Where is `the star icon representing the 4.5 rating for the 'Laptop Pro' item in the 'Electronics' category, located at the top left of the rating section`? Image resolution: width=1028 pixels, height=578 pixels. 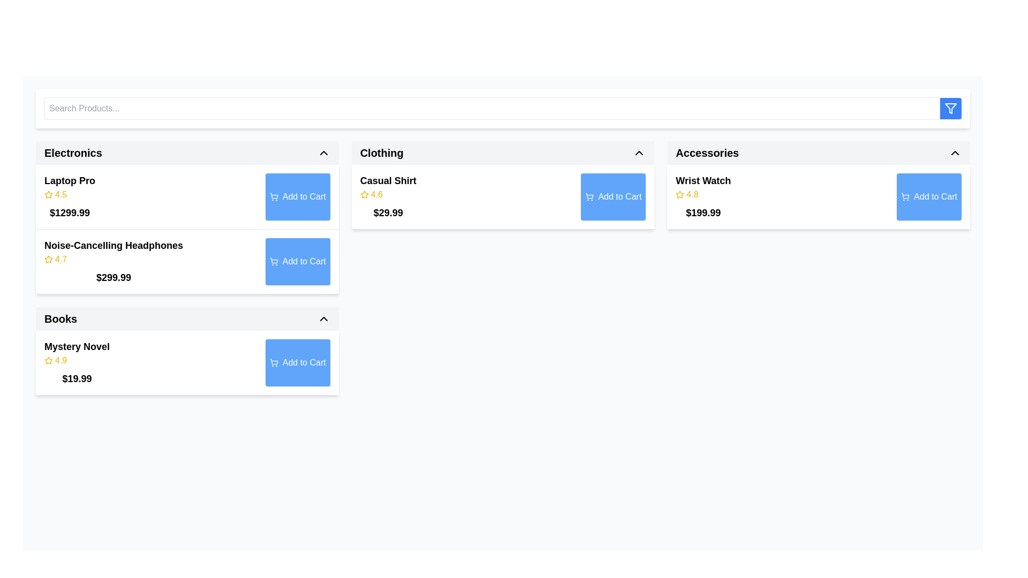 the star icon representing the 4.5 rating for the 'Laptop Pro' item in the 'Electronics' category, located at the top left of the rating section is located at coordinates (48, 194).